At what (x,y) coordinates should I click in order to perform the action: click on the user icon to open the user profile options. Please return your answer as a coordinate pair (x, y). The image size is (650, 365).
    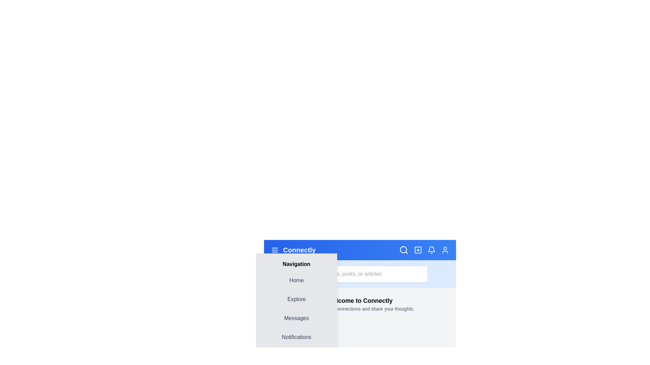
    Looking at the image, I should click on (445, 250).